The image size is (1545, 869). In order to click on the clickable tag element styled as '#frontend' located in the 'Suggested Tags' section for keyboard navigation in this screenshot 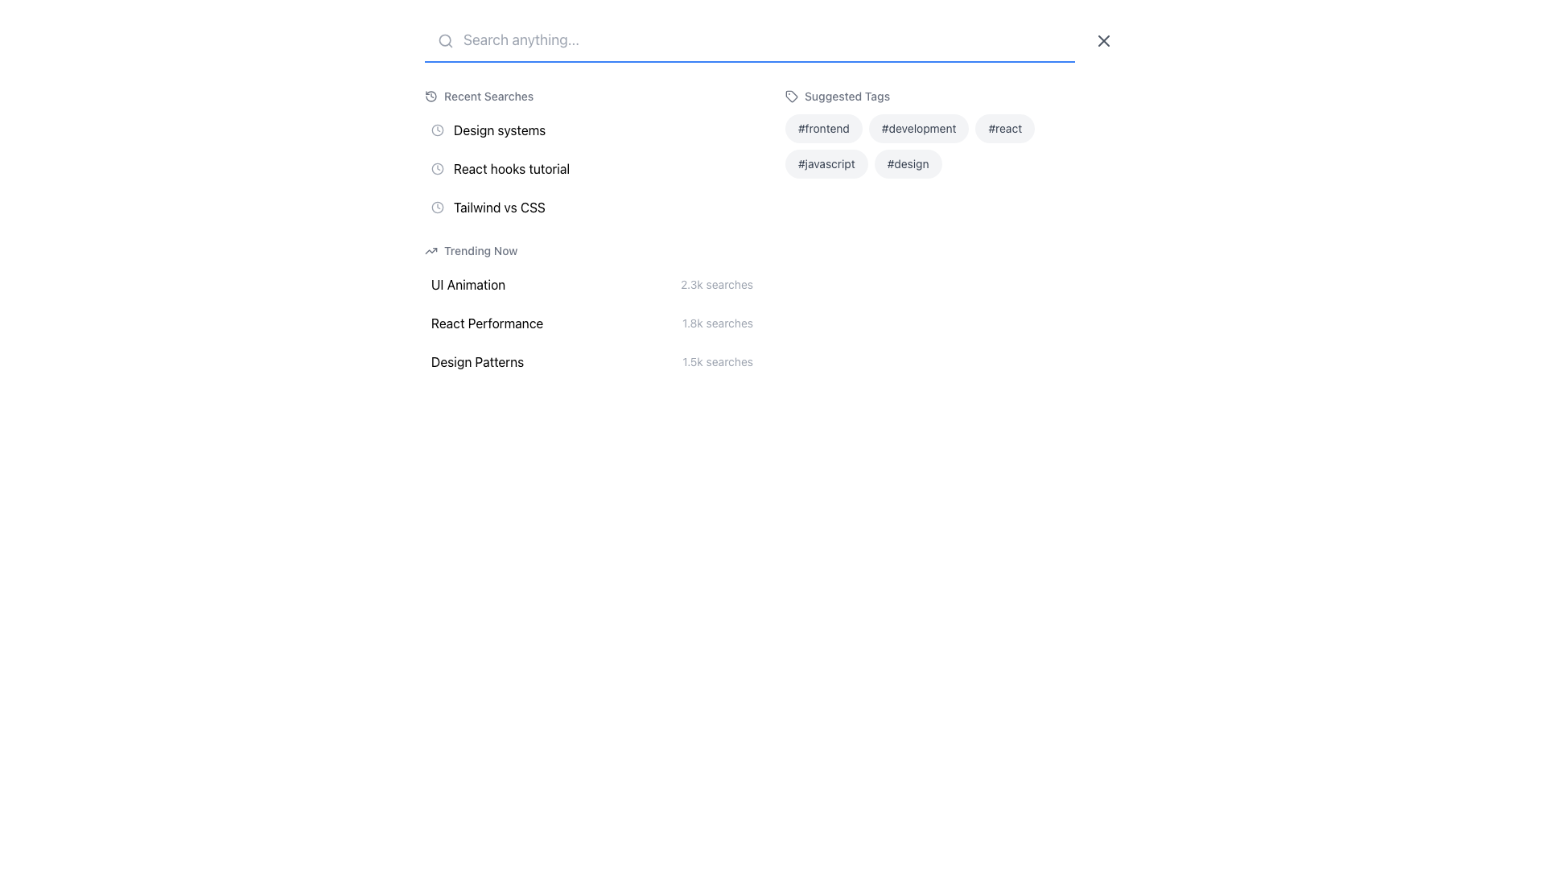, I will do `click(823, 127)`.